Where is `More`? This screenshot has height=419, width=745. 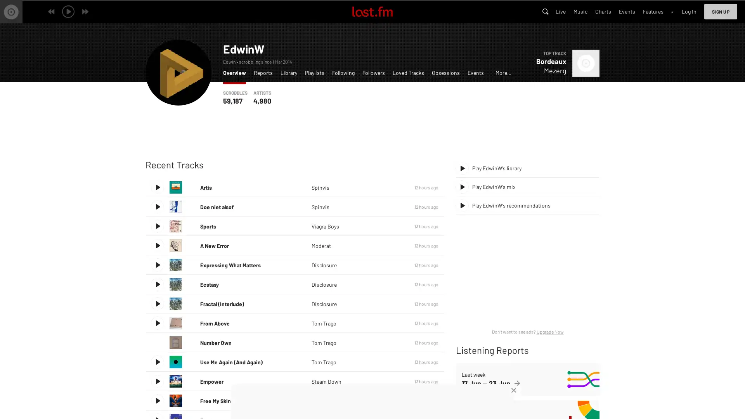
More is located at coordinates (391, 303).